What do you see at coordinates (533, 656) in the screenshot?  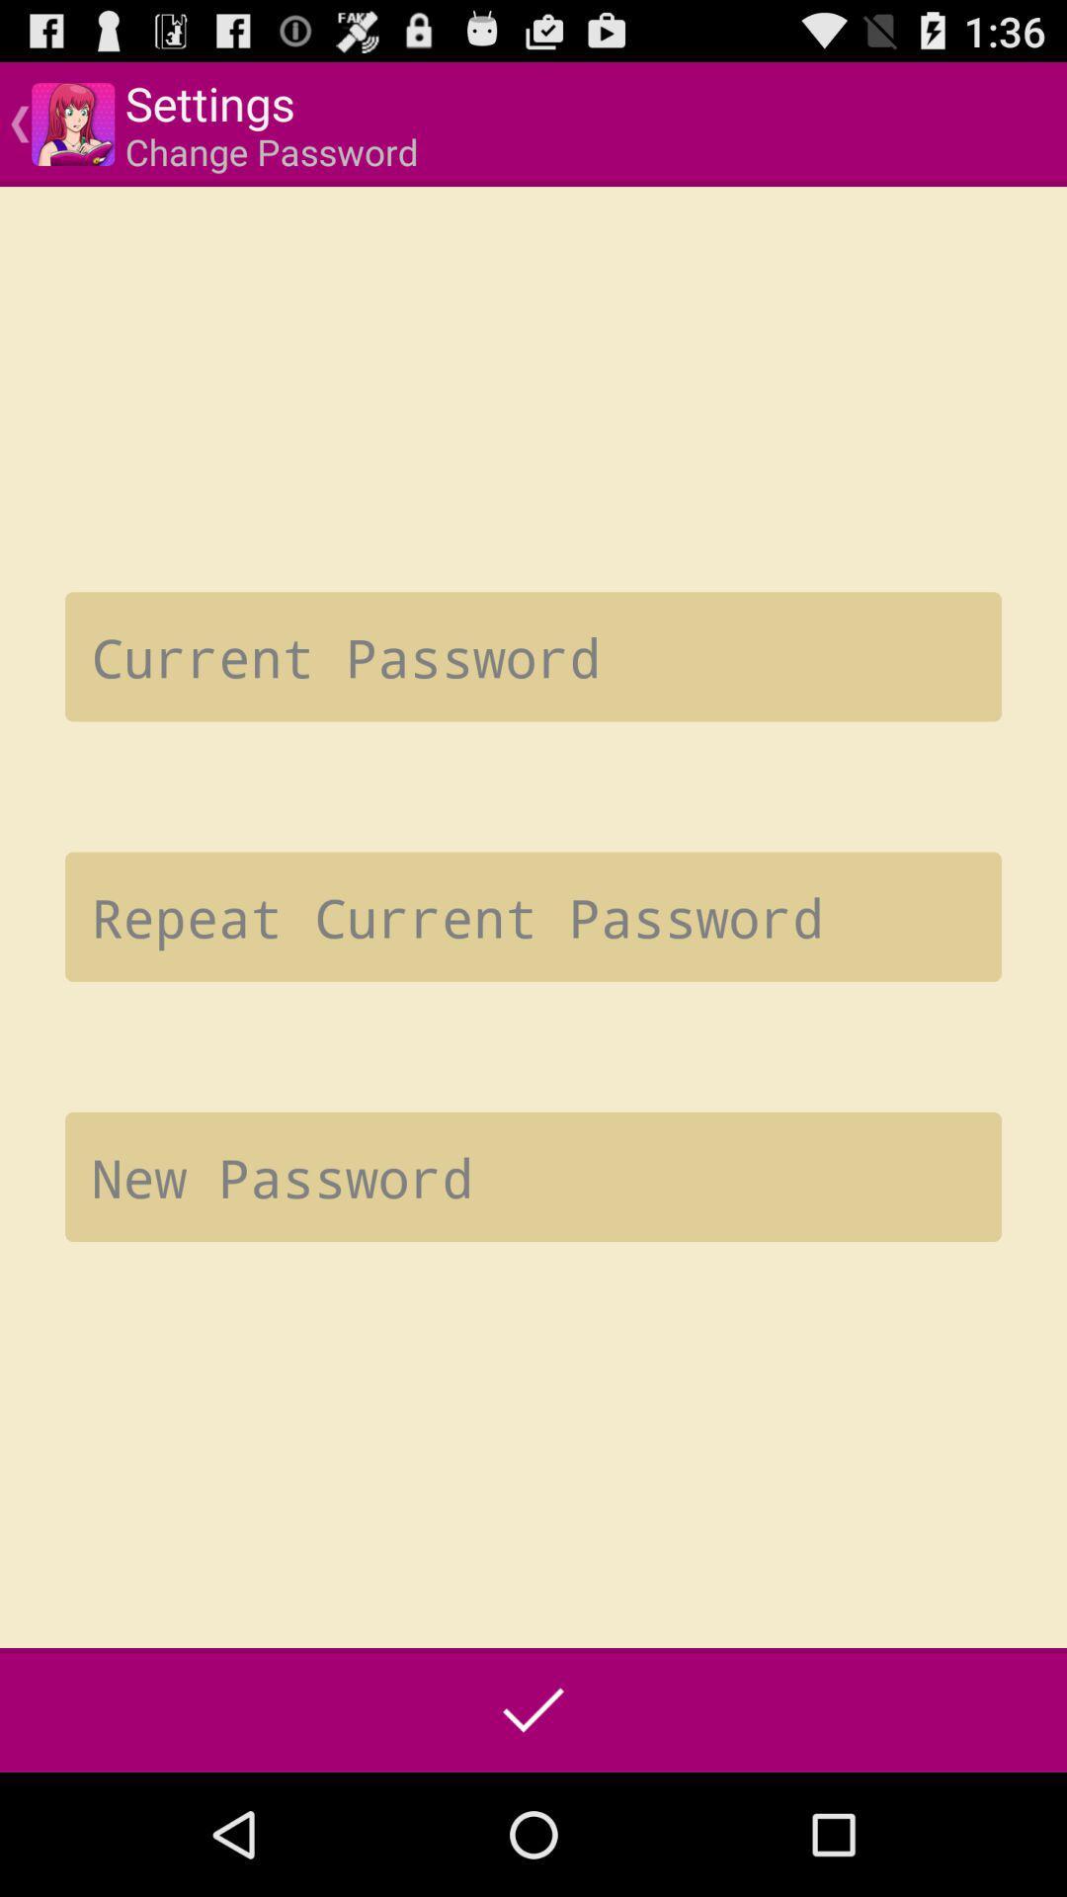 I see `type the current password` at bounding box center [533, 656].